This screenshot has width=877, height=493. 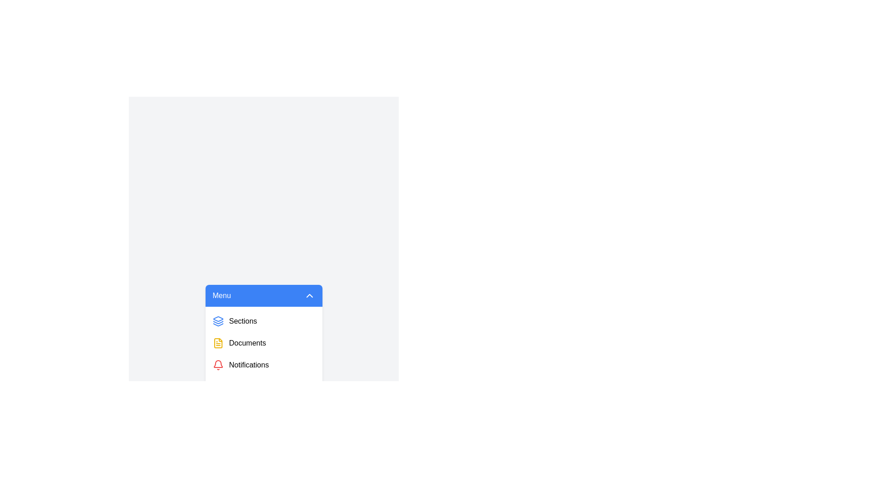 I want to click on the 'Notifications' menu item, so click(x=263, y=364).